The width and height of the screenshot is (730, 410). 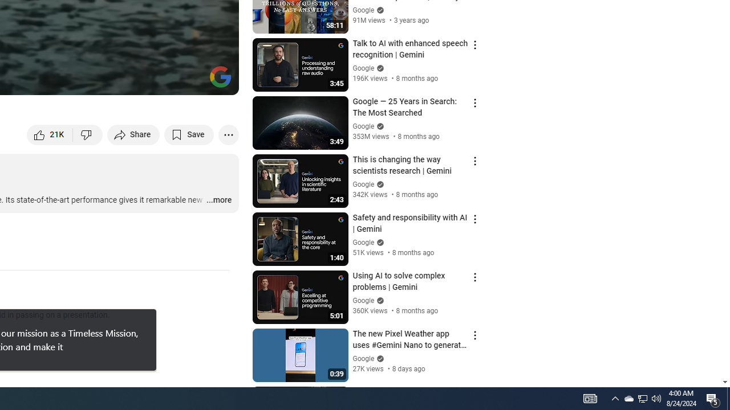 I want to click on 'Channel watermark', so click(x=220, y=77).